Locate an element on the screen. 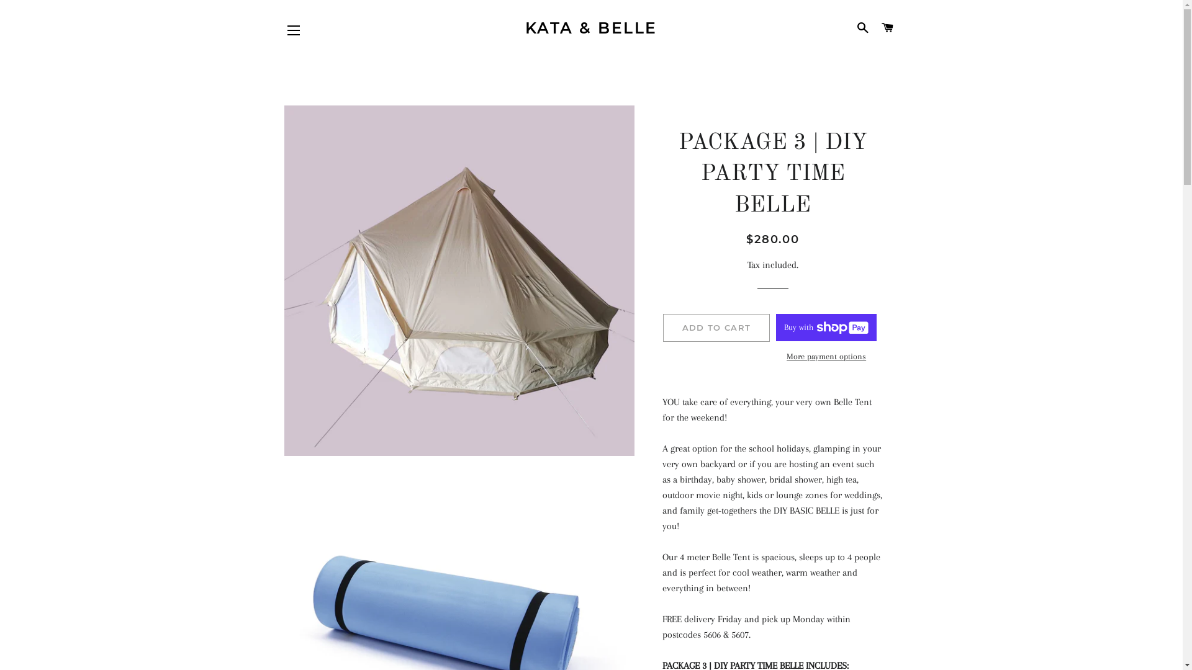 This screenshot has width=1192, height=670. 'CART' is located at coordinates (887, 28).